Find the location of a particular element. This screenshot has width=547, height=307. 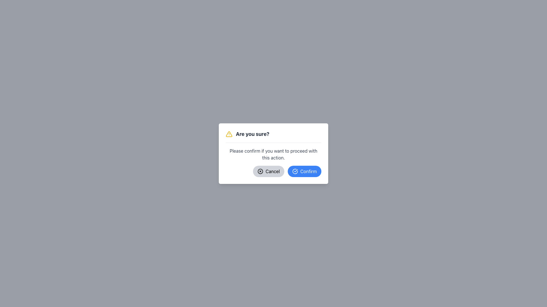

static text that says 'Please confirm if you want to proceed with this action.' which is centrally aligned in the confirmation dialog box, located directly underneath the warning icon and above the 'Cancel' and 'Confirm' buttons is located at coordinates (273, 154).